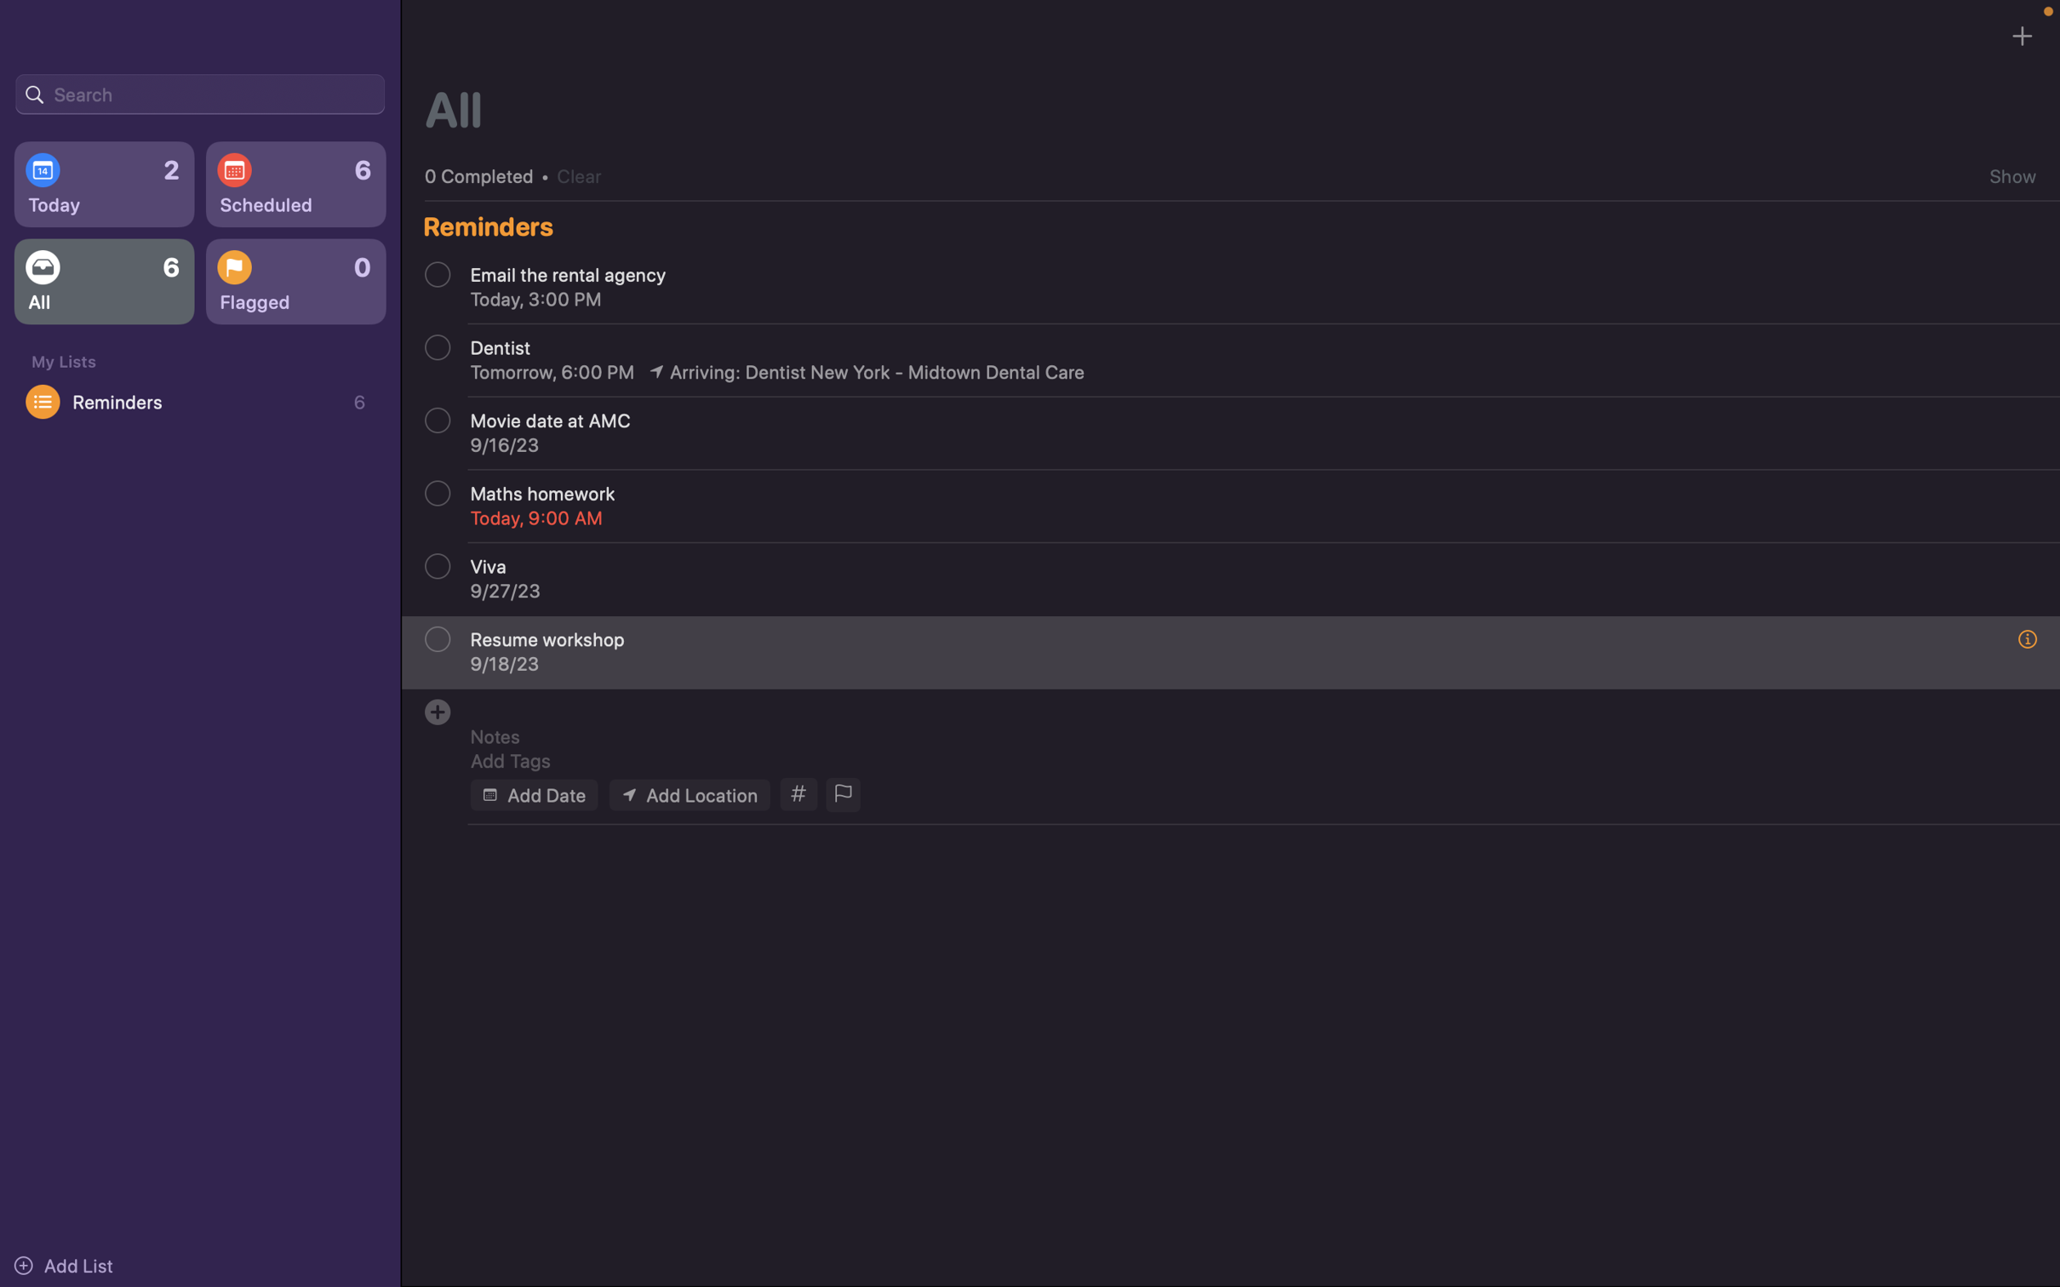  What do you see at coordinates (688, 793) in the screenshot?
I see `Assign the location of the conference as "Mellon Institute` at bounding box center [688, 793].